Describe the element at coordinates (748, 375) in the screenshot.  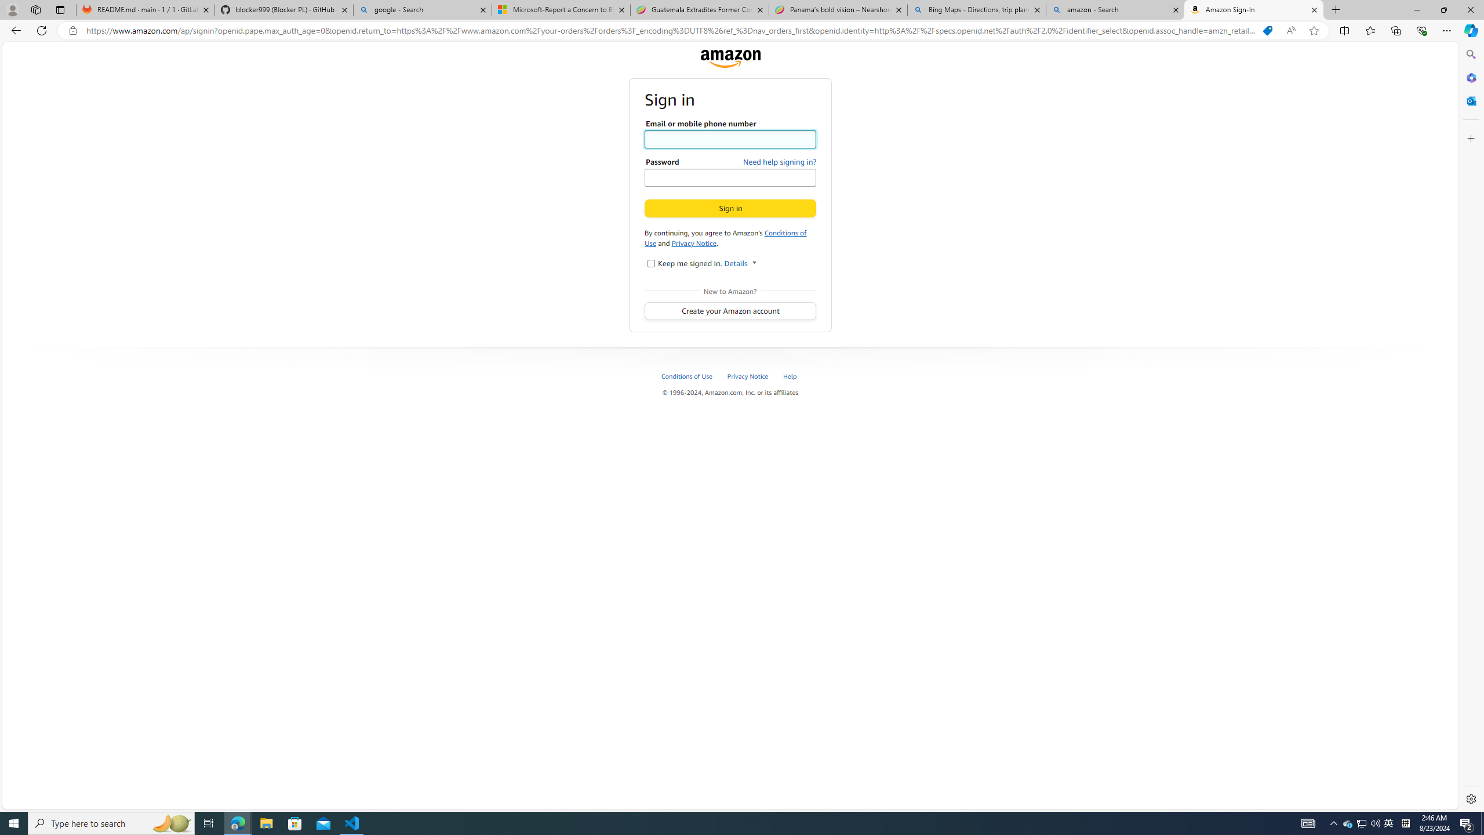
I see `'Privacy Notice '` at that location.